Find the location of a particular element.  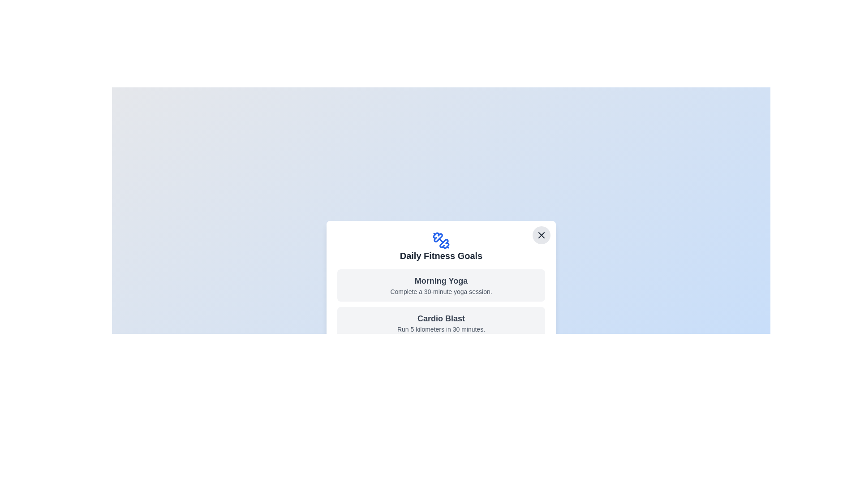

the 'Morning Yoga' informative card component is located at coordinates (441, 285).